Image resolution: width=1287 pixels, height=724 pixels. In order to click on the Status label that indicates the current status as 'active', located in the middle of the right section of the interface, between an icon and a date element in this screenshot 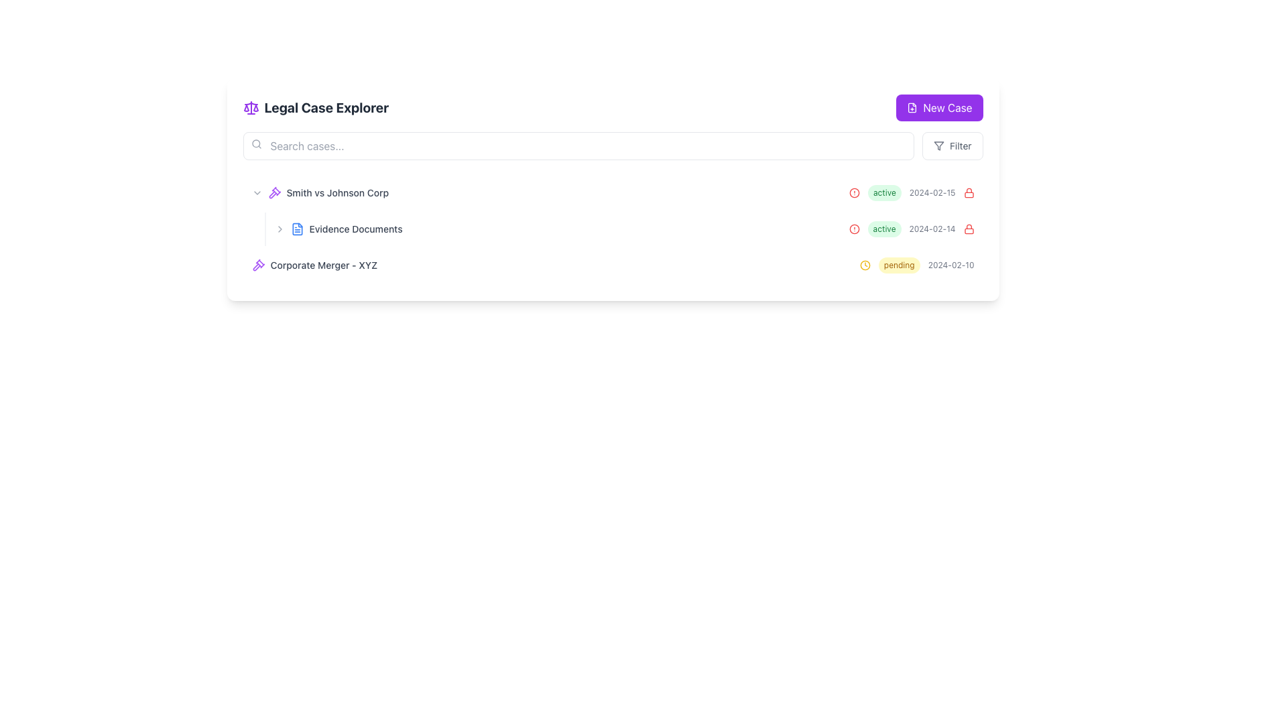, I will do `click(884, 193)`.